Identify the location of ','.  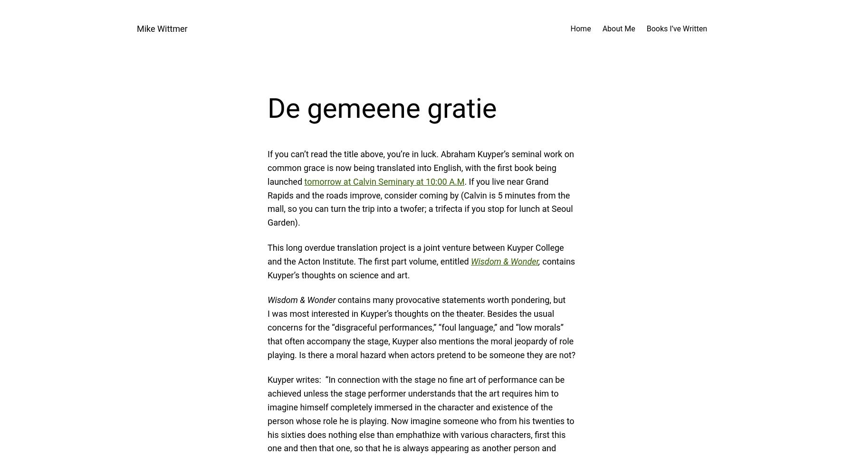
(540, 260).